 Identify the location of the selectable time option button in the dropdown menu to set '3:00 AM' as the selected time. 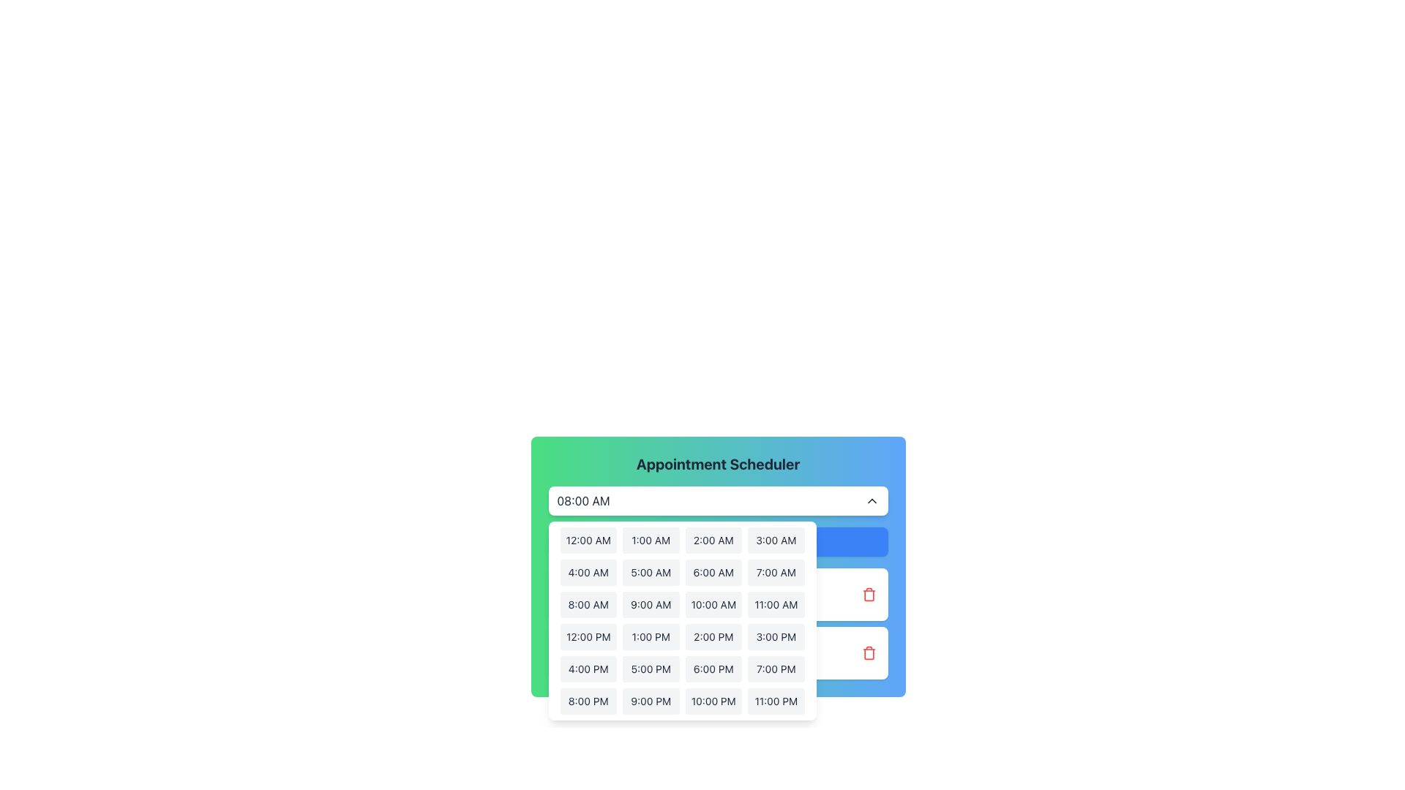
(775, 541).